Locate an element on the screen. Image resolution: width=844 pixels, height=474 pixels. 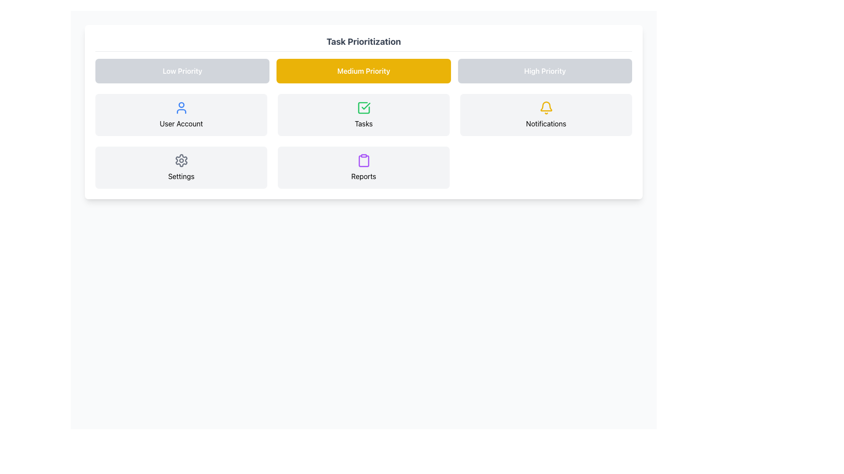
the header text label that serves as the title for the section containing priority categories and associated items is located at coordinates (364, 42).